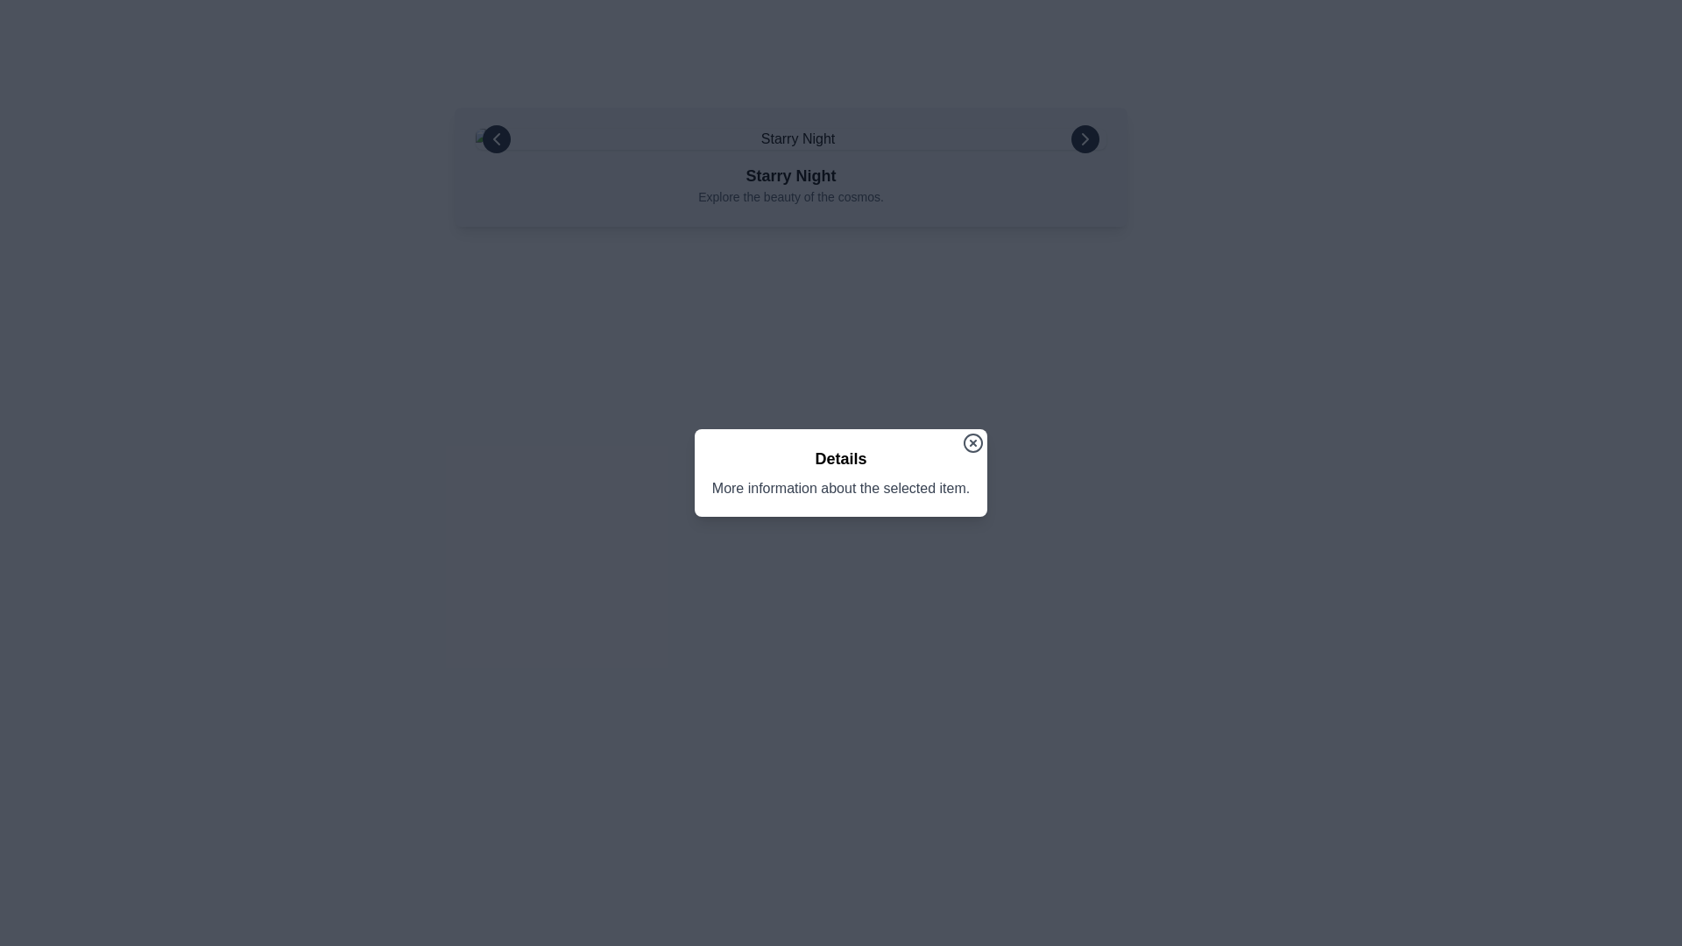 The image size is (1682, 946). What do you see at coordinates (841, 458) in the screenshot?
I see `the bold-text heading labeled 'Details', which is styled in a larger font size and is part of a white pop-up card` at bounding box center [841, 458].